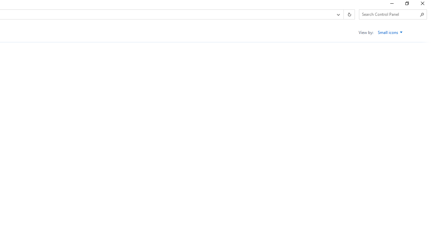  I want to click on 'Restore', so click(406, 5).